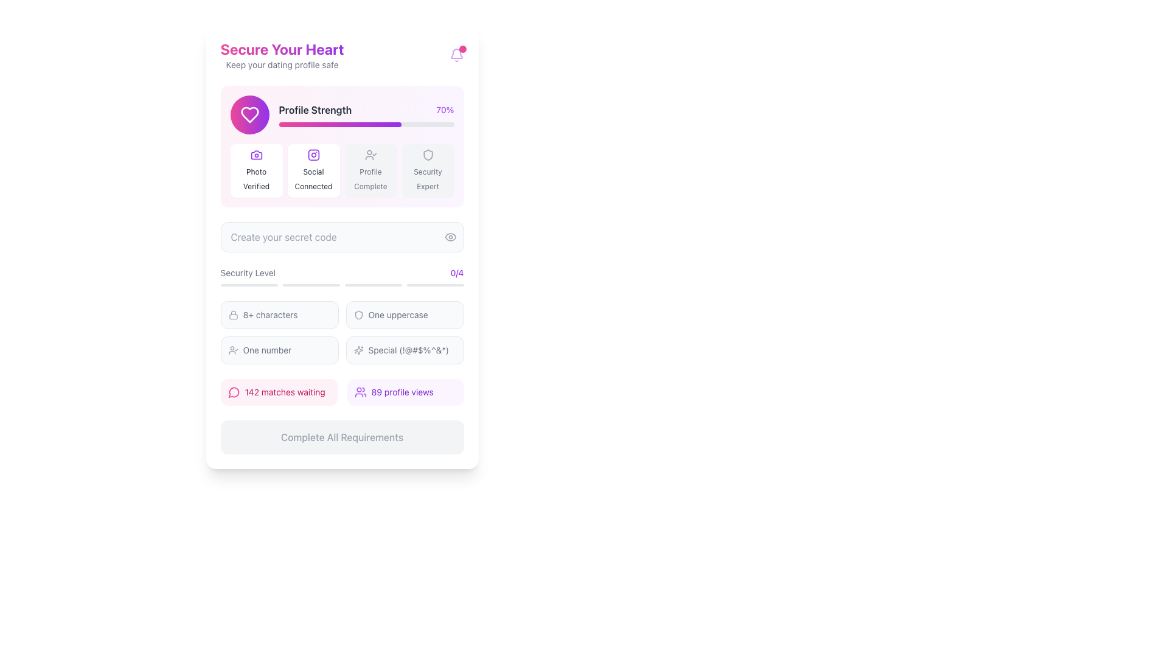 The height and width of the screenshot is (657, 1168). Describe the element at coordinates (341, 171) in the screenshot. I see `the 'Social Connected' text field which indicates the status of the application interface, positioned centrally in the grid layout` at that location.